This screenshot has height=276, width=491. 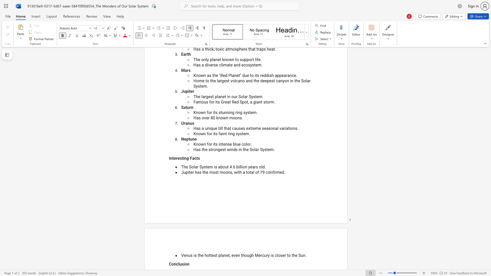 I want to click on the 1th character "7" in the text, so click(x=261, y=172).